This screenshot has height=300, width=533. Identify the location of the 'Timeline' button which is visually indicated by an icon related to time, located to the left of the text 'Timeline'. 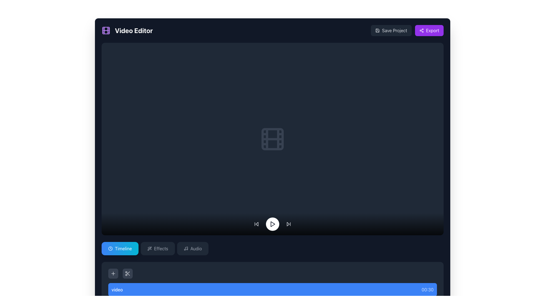
(110, 248).